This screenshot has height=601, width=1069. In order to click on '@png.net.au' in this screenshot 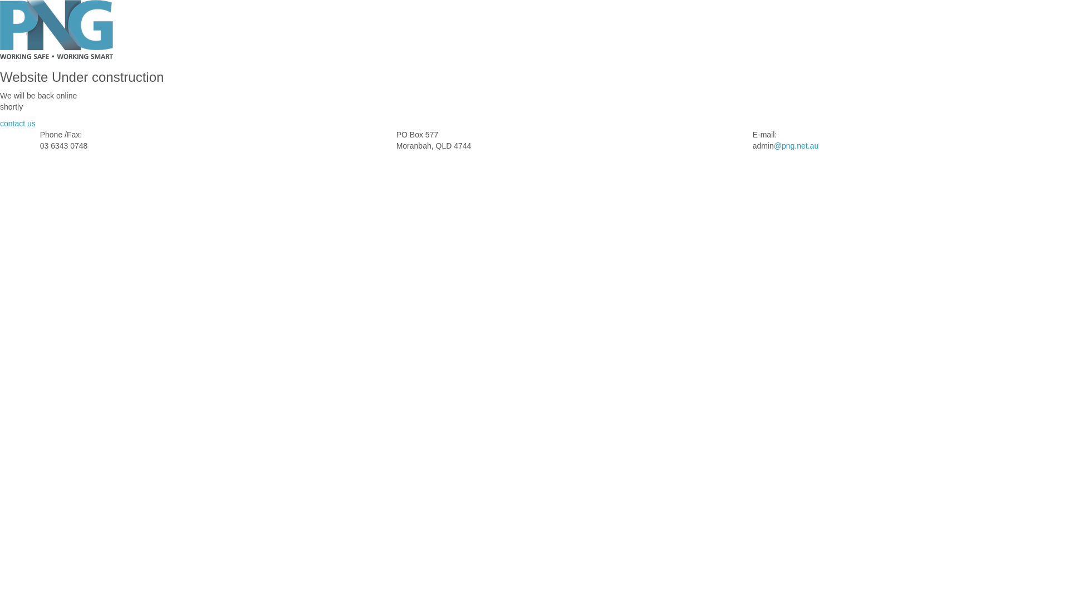, I will do `click(796, 145)`.